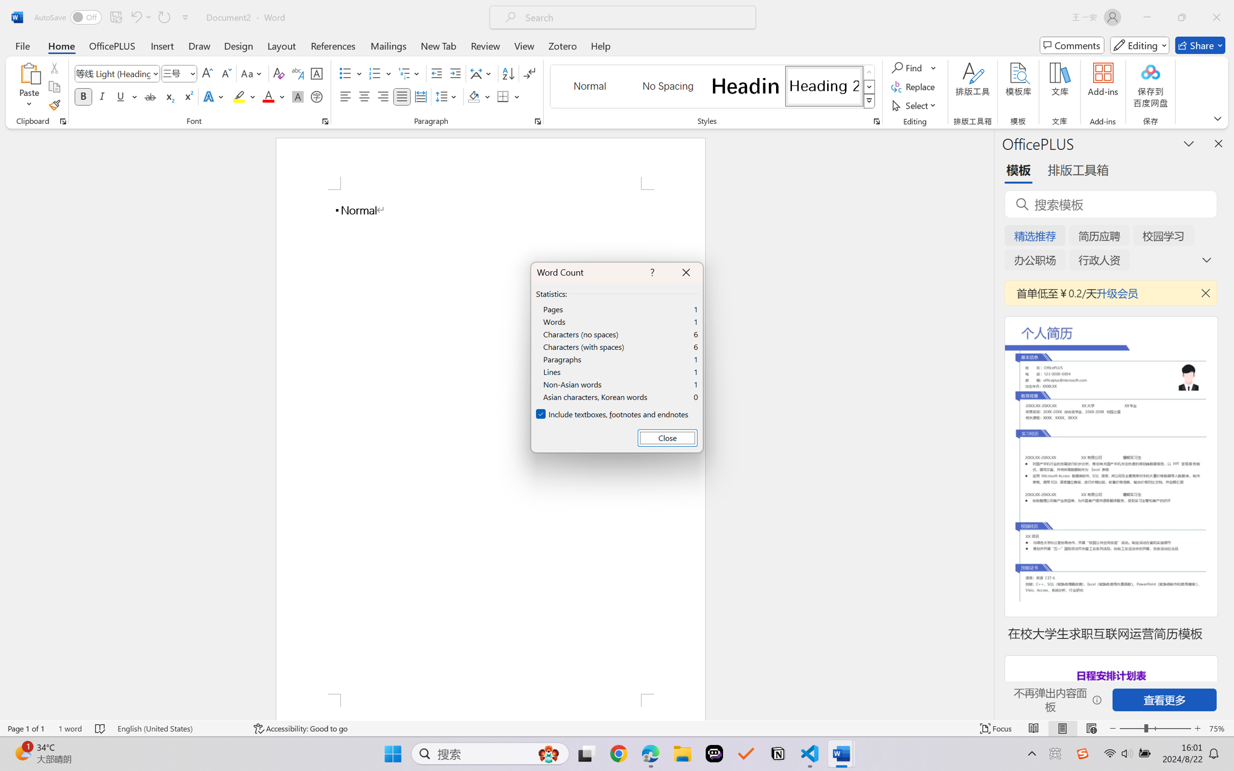  Describe the element at coordinates (1062, 728) in the screenshot. I see `'Print Layout'` at that location.